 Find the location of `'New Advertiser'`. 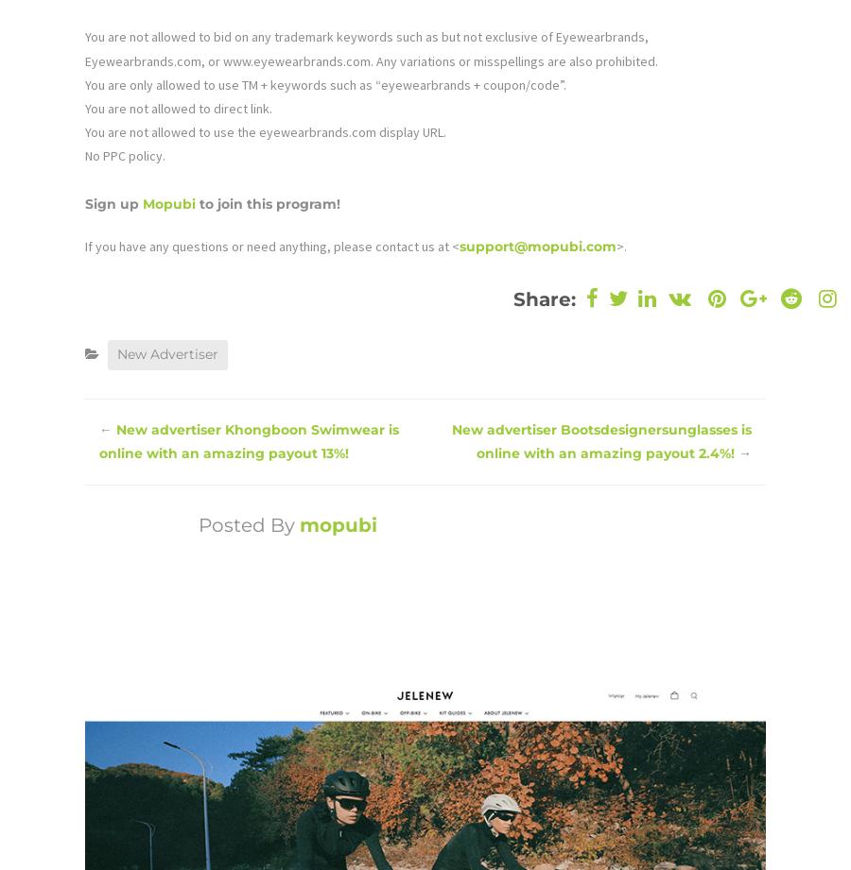

'New Advertiser' is located at coordinates (117, 354).